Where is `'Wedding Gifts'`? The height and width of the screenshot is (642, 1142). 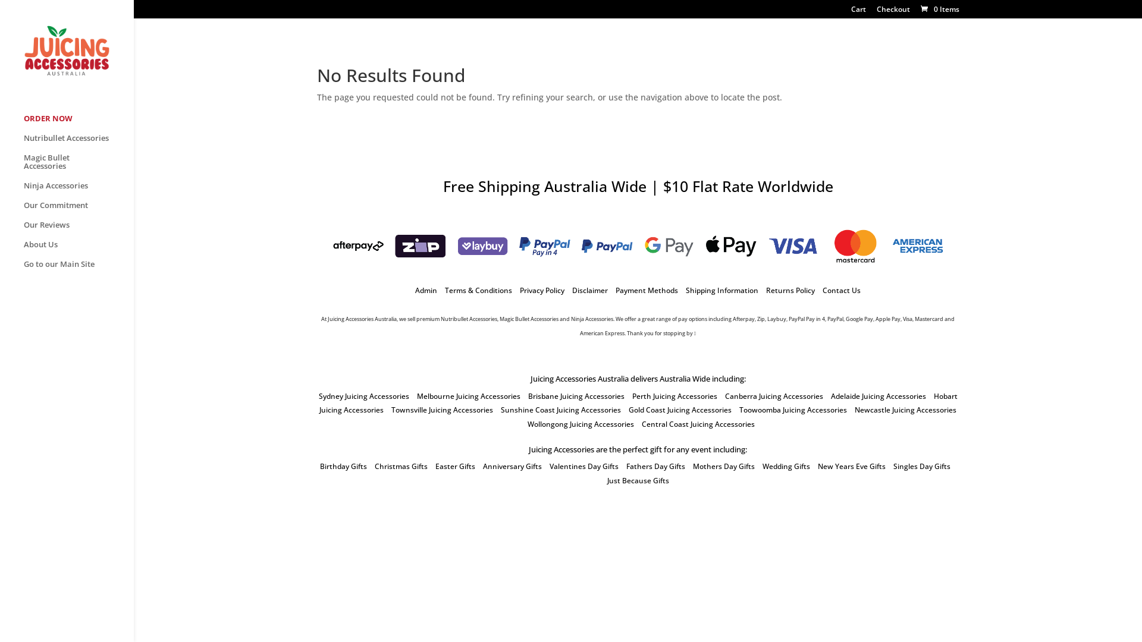
'Wedding Gifts' is located at coordinates (786, 465).